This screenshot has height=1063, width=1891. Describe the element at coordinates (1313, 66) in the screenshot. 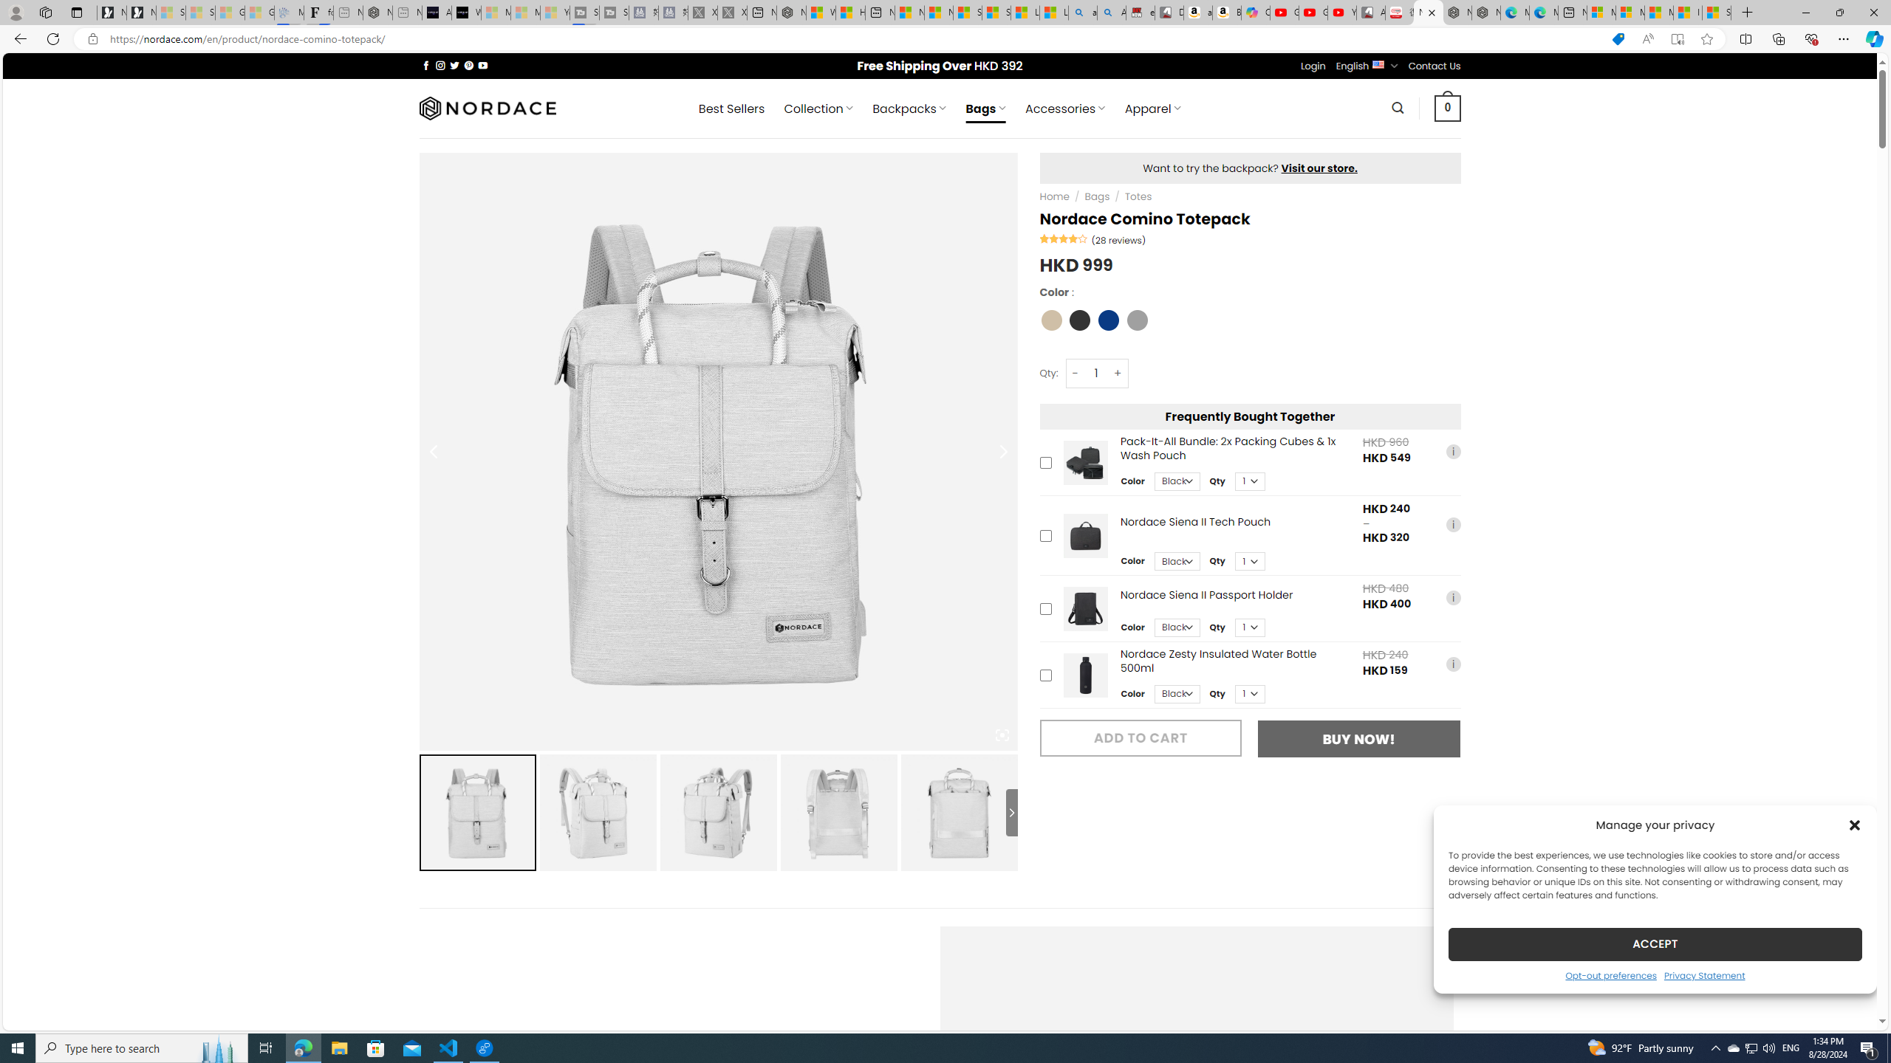

I see `'Login'` at that location.